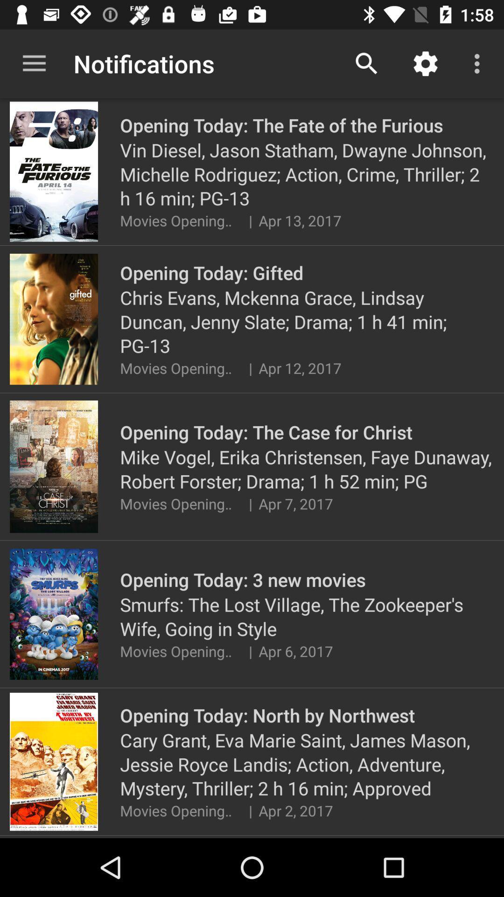 This screenshot has width=504, height=897. I want to click on item above opening today 3, so click(250, 503).